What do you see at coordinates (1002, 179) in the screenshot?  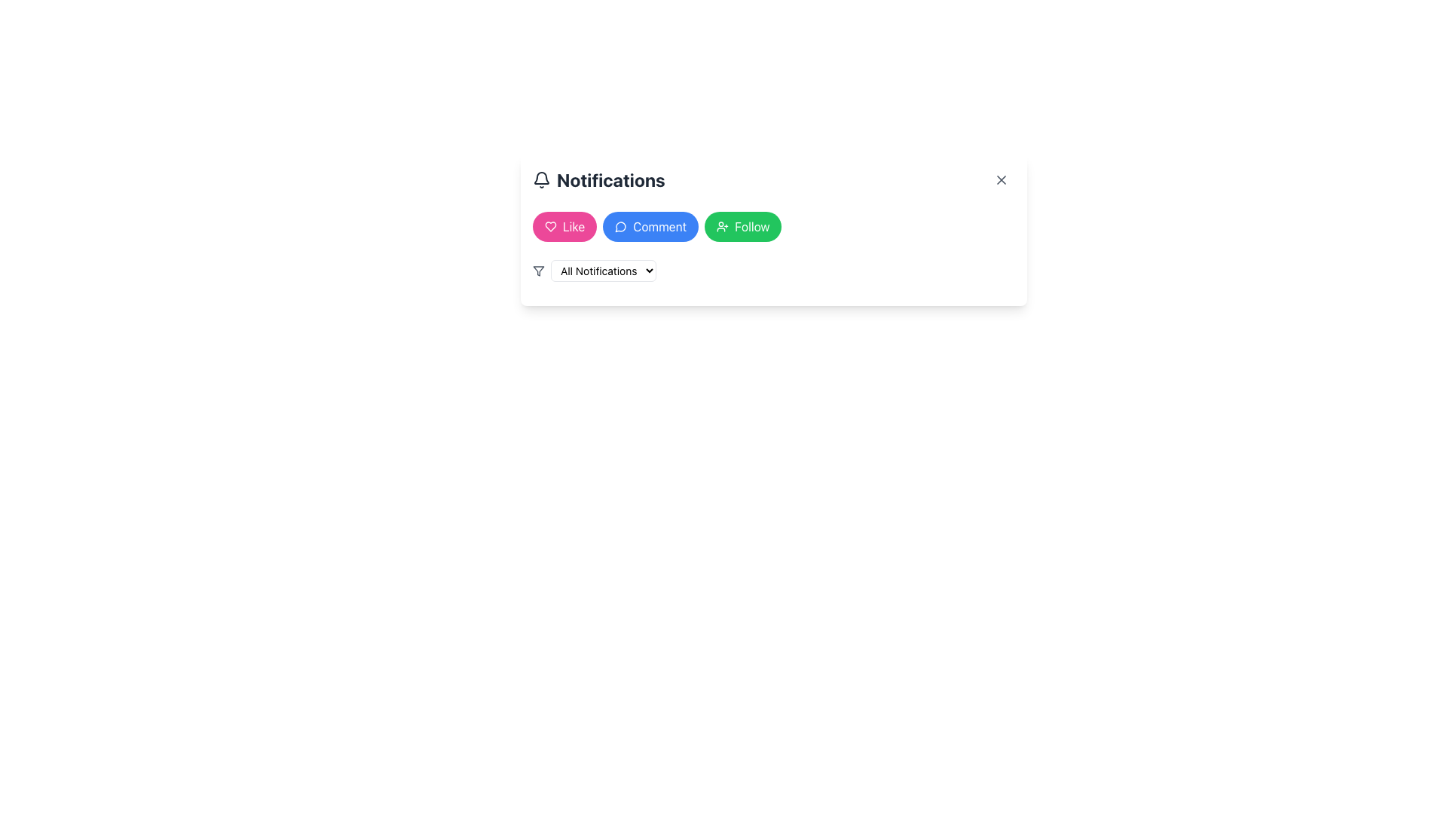 I see `the small 'X' icon button located at the top-right corner of the notification card` at bounding box center [1002, 179].